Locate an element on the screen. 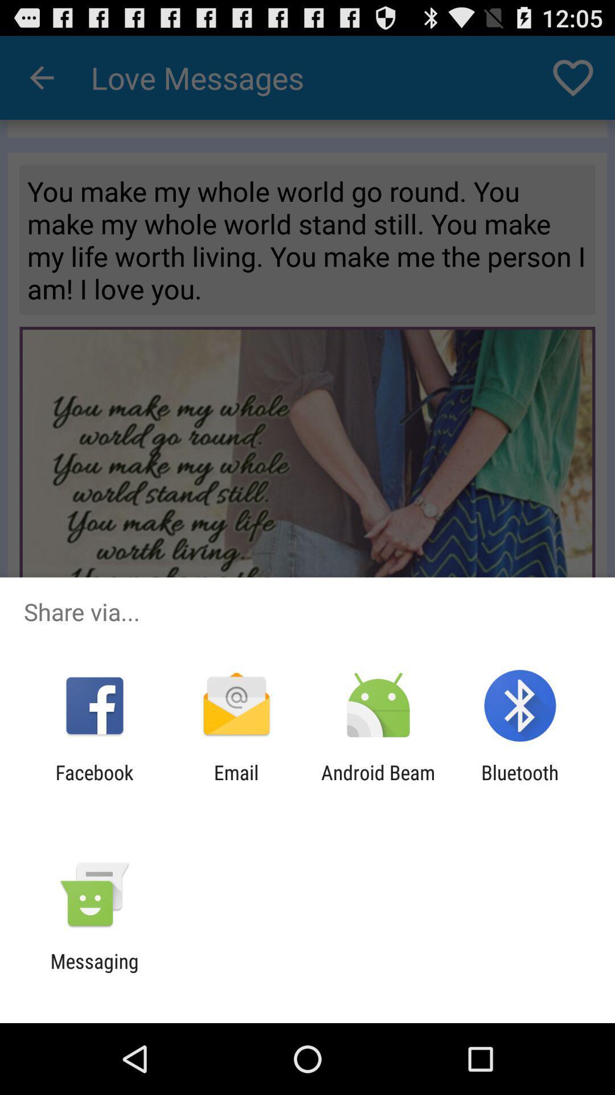  facebook is located at coordinates (94, 784).